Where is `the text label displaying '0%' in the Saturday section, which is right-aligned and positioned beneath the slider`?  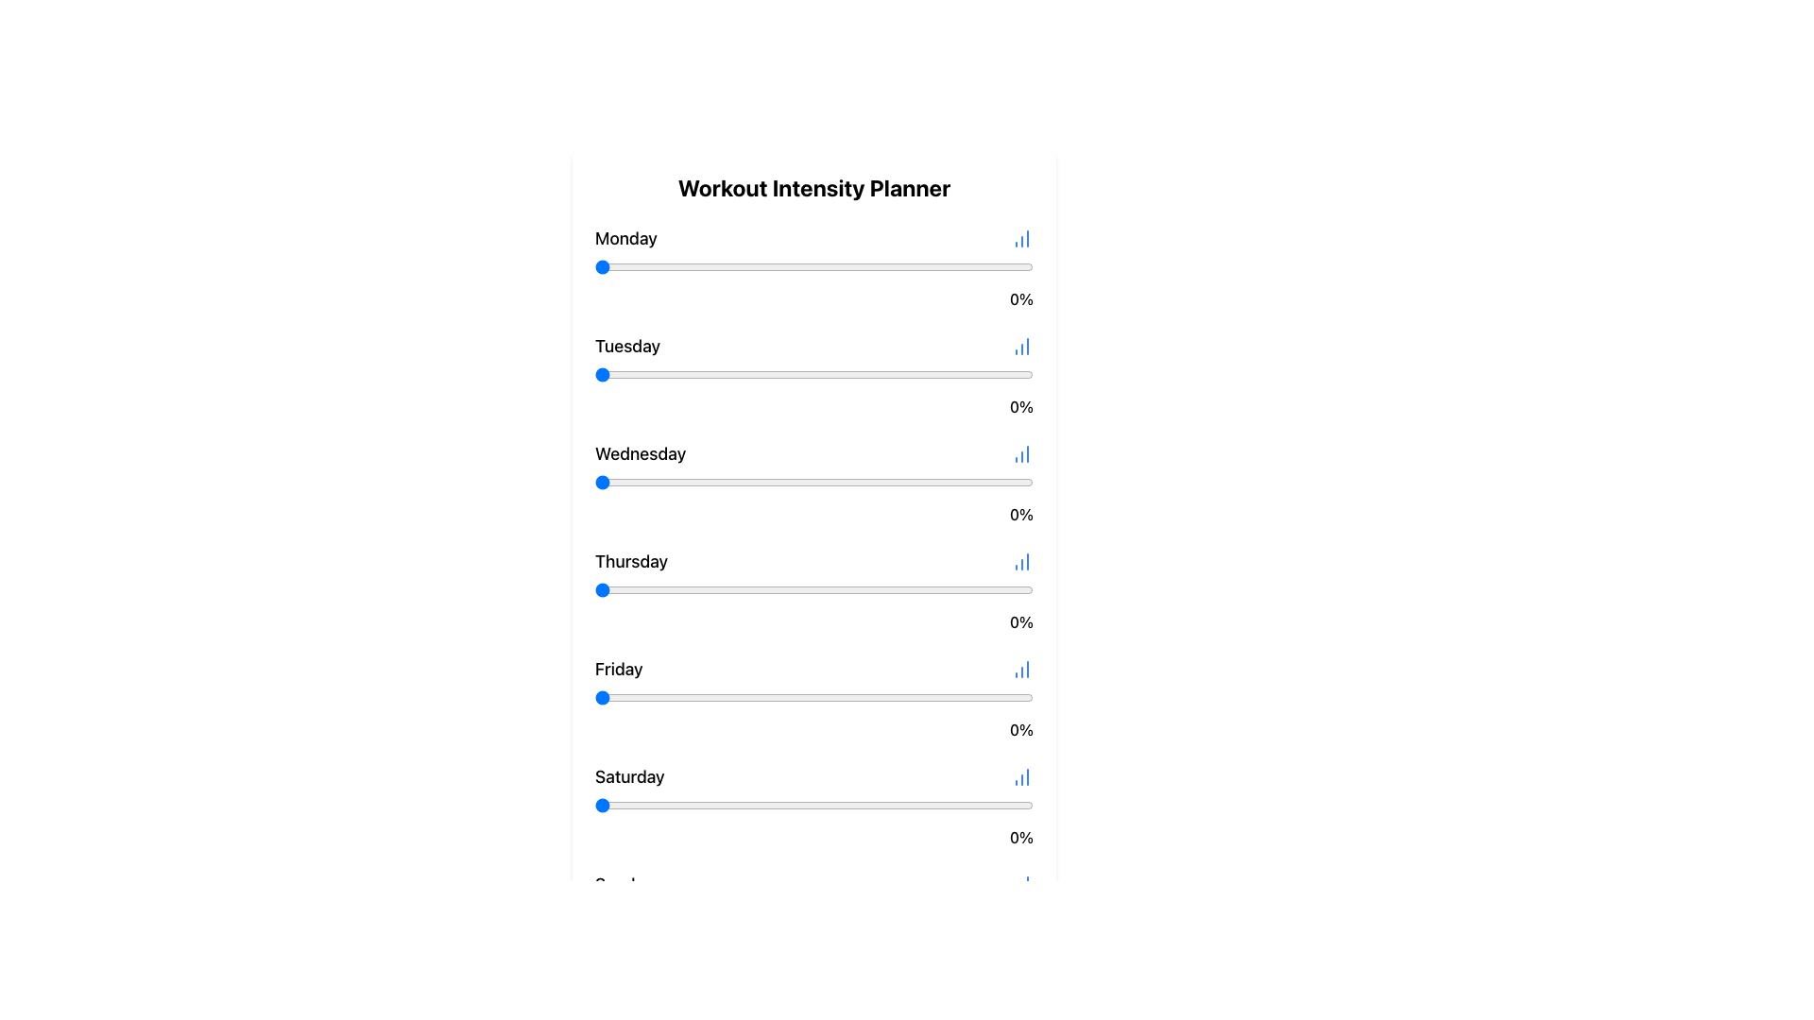 the text label displaying '0%' in the Saturday section, which is right-aligned and positioned beneath the slider is located at coordinates (814, 837).